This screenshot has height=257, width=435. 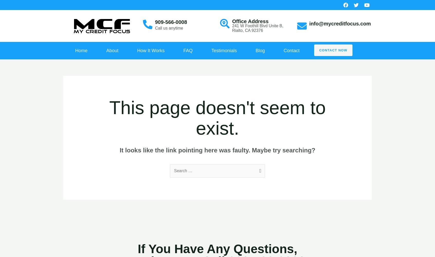 What do you see at coordinates (211, 50) in the screenshot?
I see `'Testimonials'` at bounding box center [211, 50].